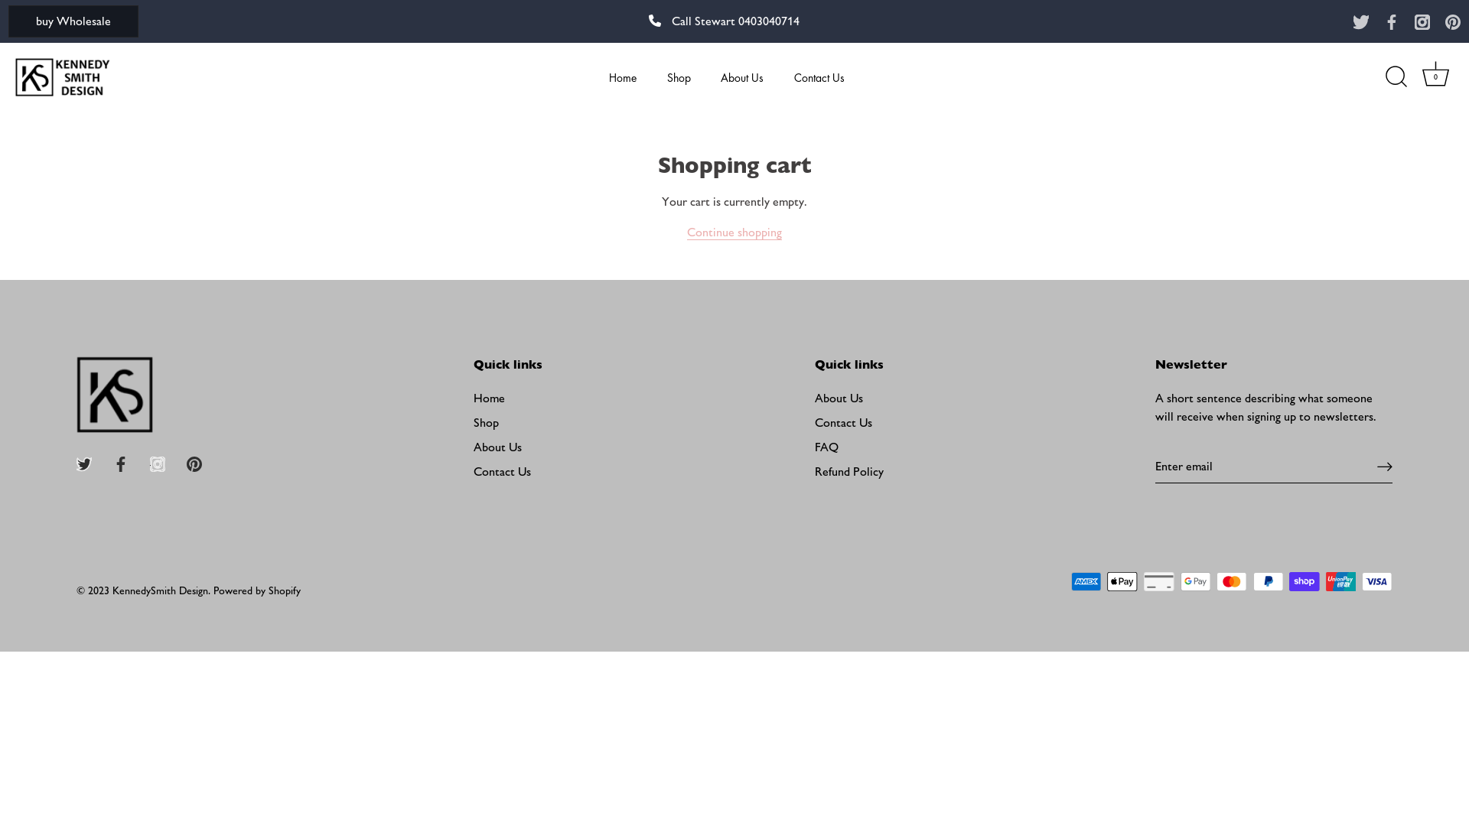 The height and width of the screenshot is (826, 1469). Describe the element at coordinates (686, 233) in the screenshot. I see `'Continue shopping'` at that location.